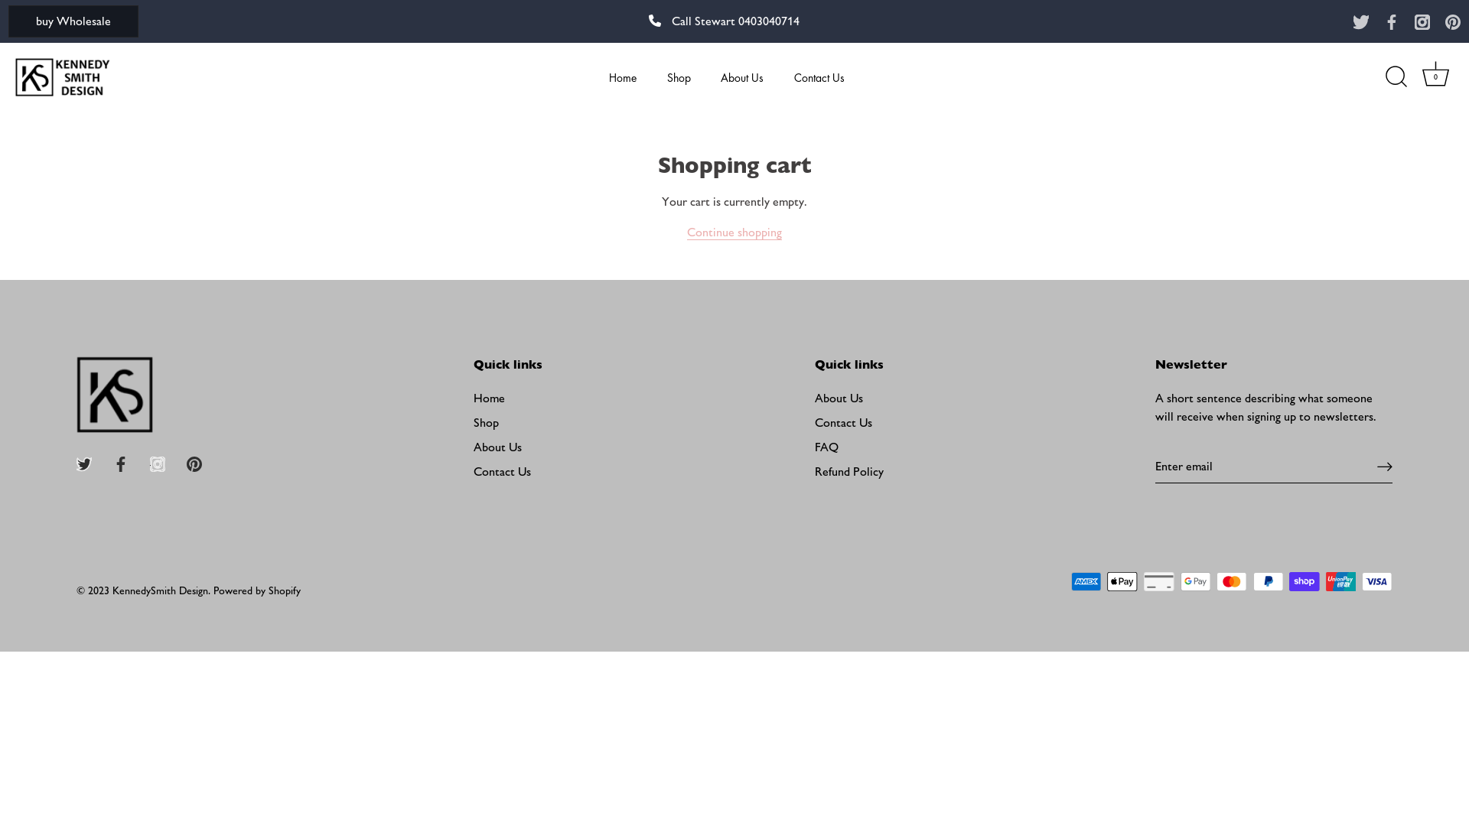 The height and width of the screenshot is (826, 1469). Describe the element at coordinates (686, 233) in the screenshot. I see `'Continue shopping'` at that location.